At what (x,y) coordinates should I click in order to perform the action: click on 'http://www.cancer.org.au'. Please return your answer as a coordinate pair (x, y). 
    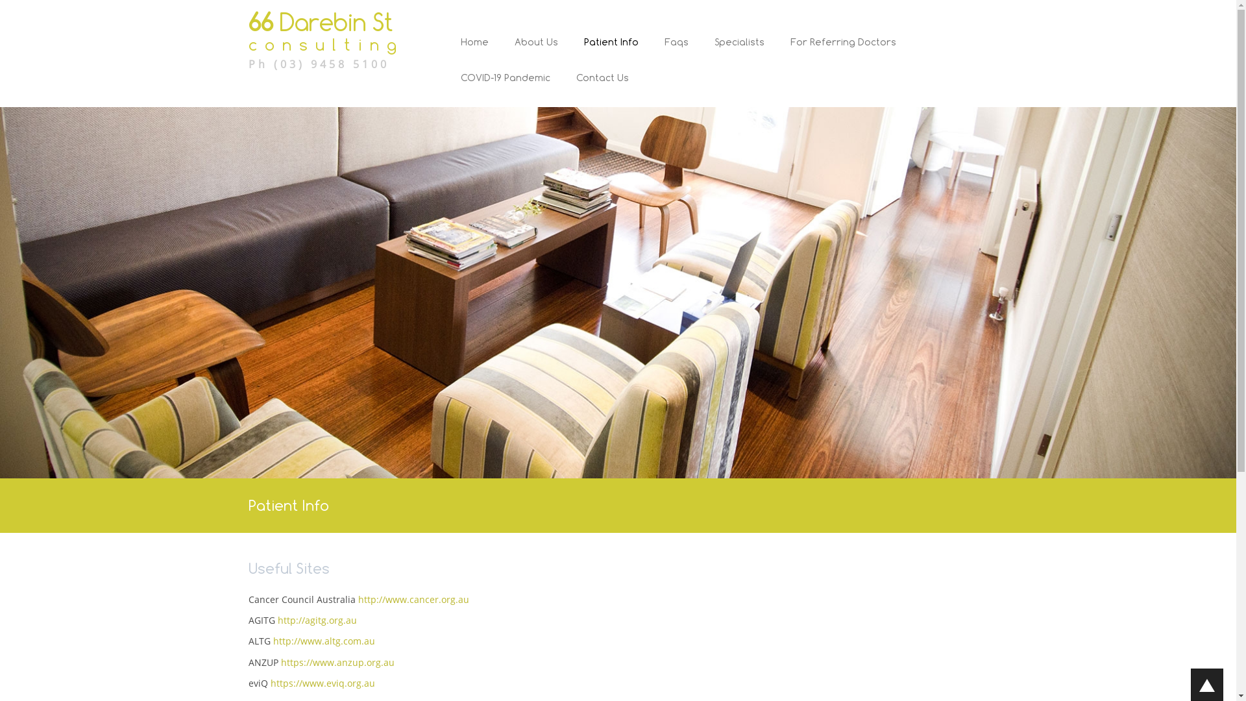
    Looking at the image, I should click on (413, 599).